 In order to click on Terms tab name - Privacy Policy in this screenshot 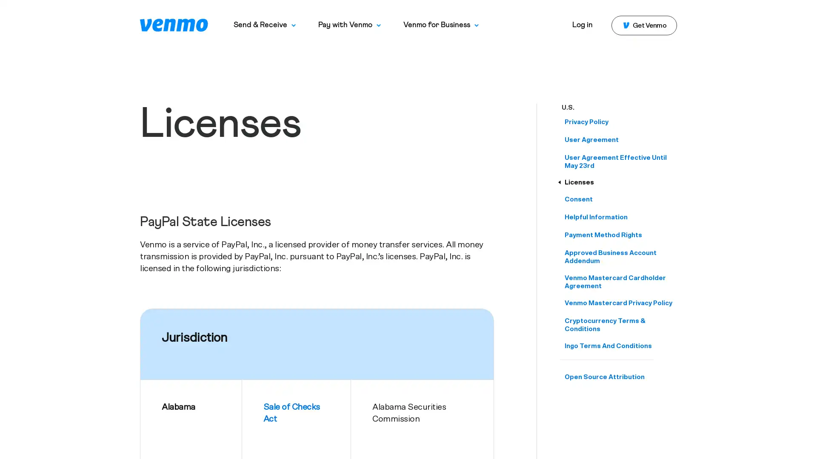, I will do `click(620, 122)`.